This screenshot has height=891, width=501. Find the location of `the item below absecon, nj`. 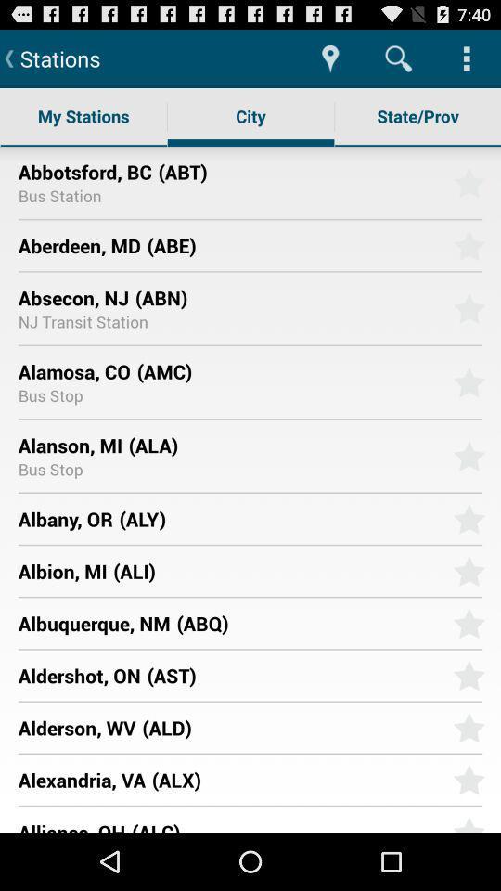

the item below absecon, nj is located at coordinates (82, 321).